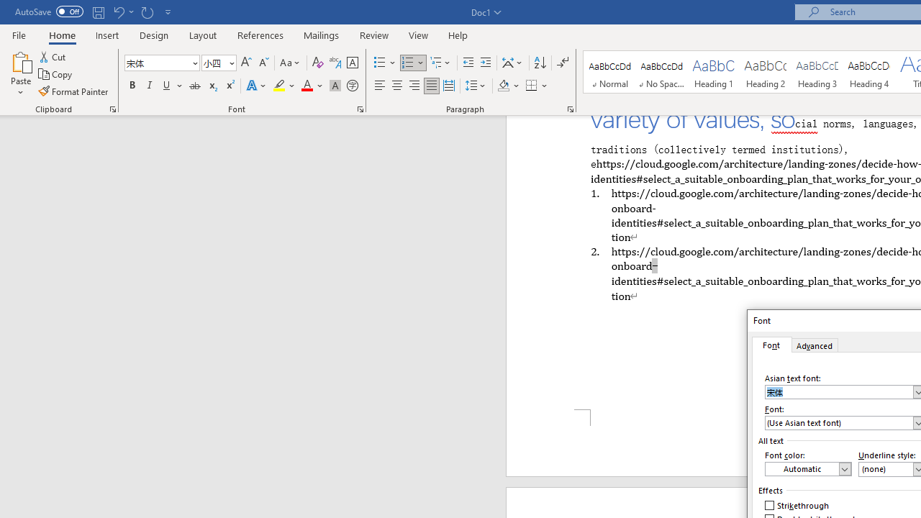 Image resolution: width=921 pixels, height=518 pixels. I want to click on 'Justify', so click(430, 86).